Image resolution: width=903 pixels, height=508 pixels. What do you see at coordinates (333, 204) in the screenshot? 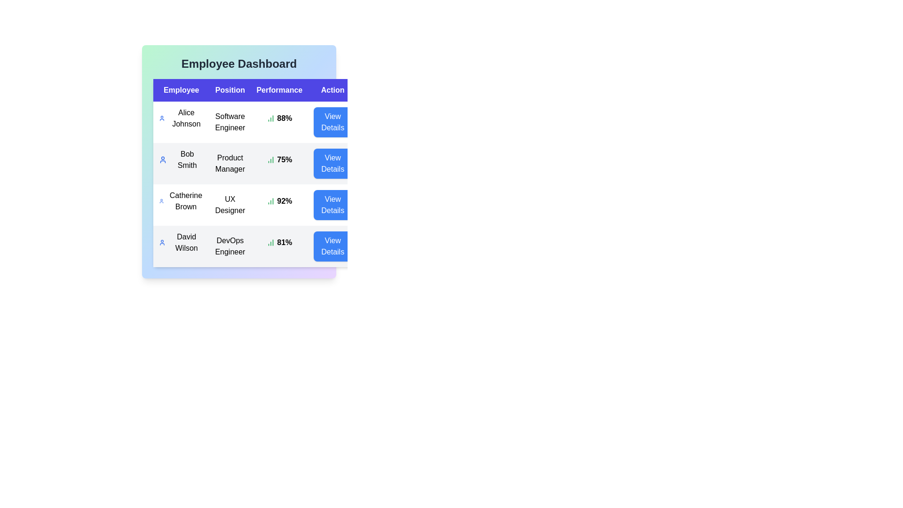
I see `'View Details' button for the employee specified by Catherine Brown` at bounding box center [333, 204].